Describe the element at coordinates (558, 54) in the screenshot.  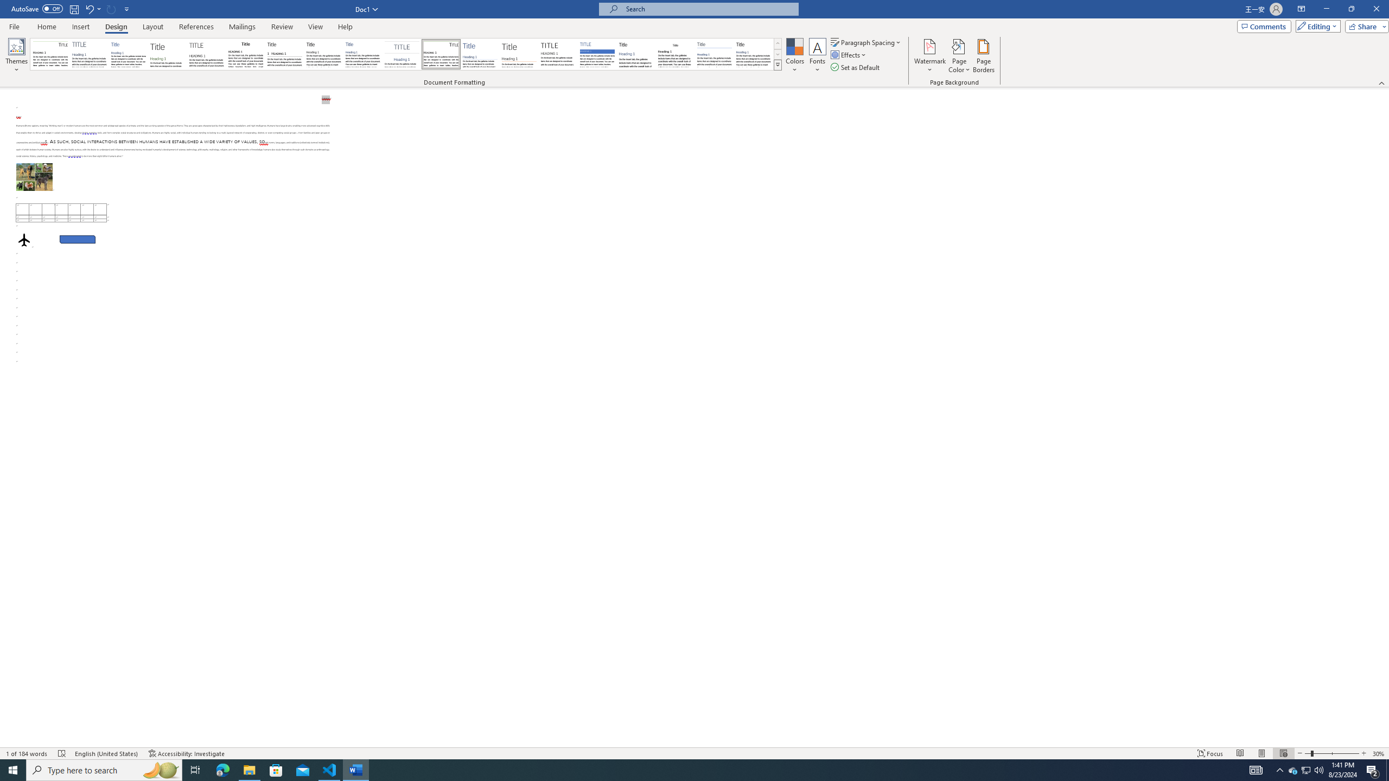
I see `'Minimalist'` at that location.